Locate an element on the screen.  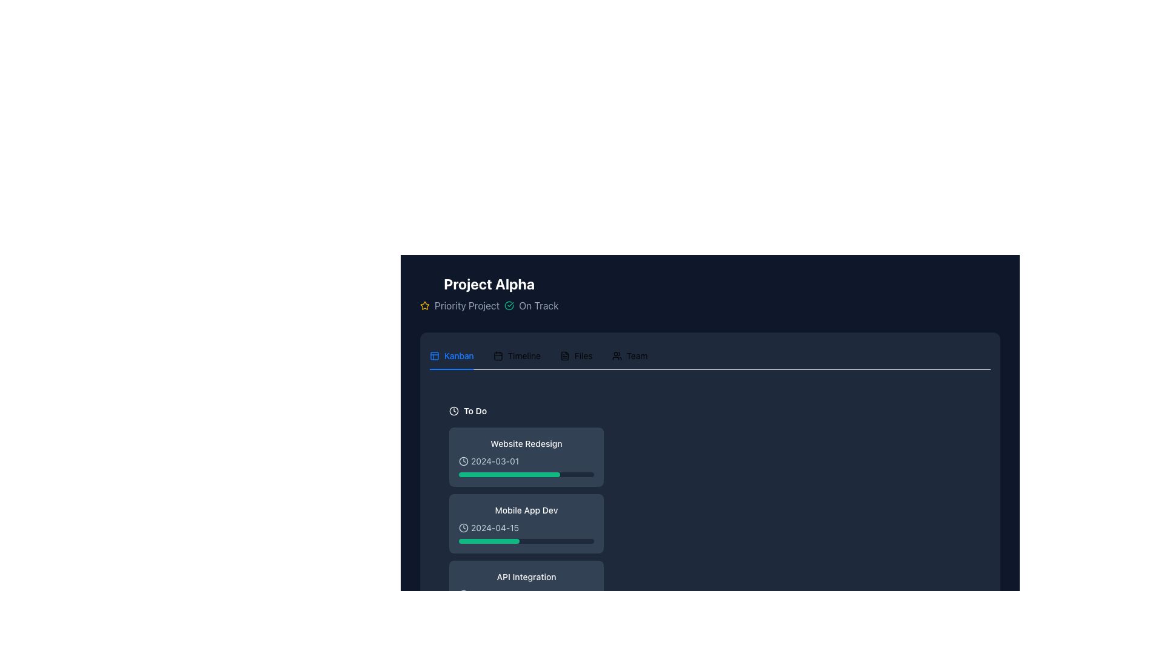
the text label displaying '2024-03-01' next to the clock icon in the 'To Do' list under the 'Website Redesign' task card is located at coordinates (495, 461).